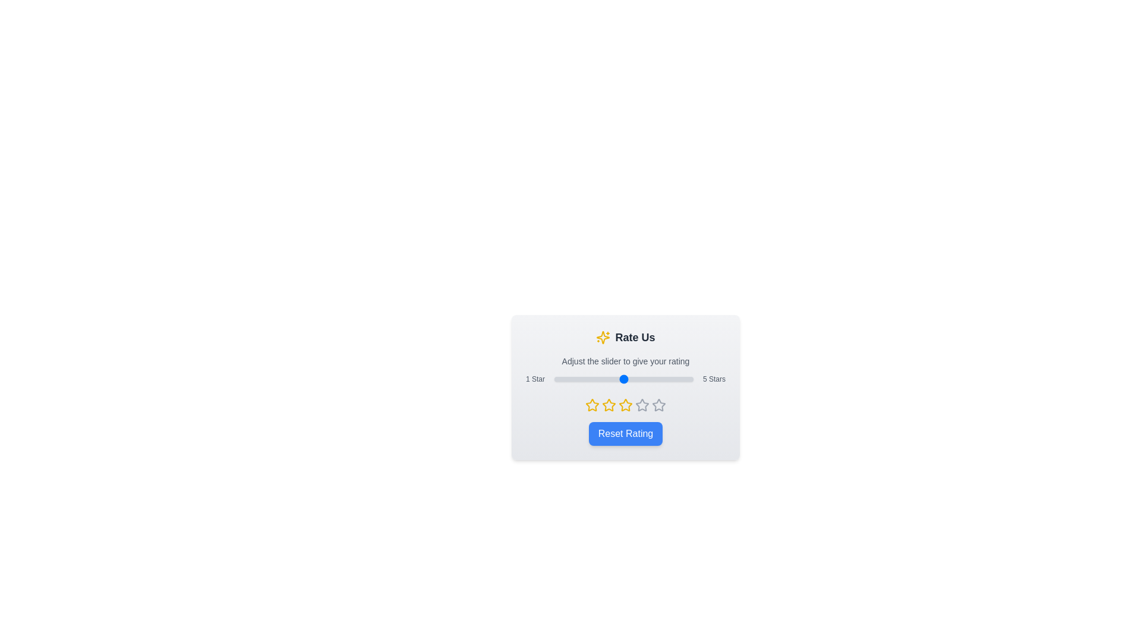 Image resolution: width=1141 pixels, height=642 pixels. What do you see at coordinates (623, 379) in the screenshot?
I see `the star rating slider to 3 stars` at bounding box center [623, 379].